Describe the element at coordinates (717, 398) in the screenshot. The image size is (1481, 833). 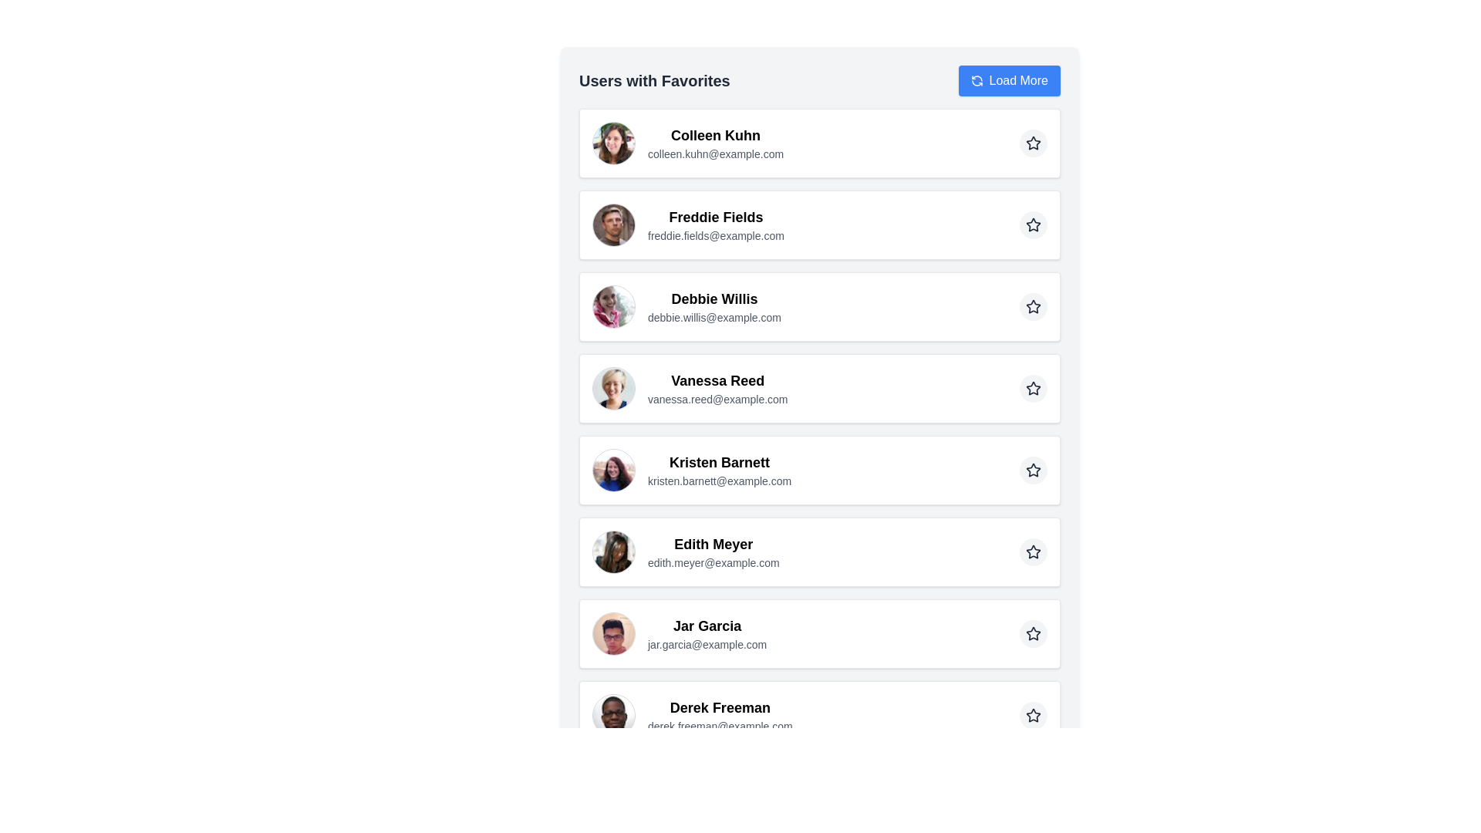
I see `the text label displaying the email address 'vanessa.reed@example.com', which is styled in gray and located beneath the name 'Vanessa Reed' in the fourth entry of the user list` at that location.